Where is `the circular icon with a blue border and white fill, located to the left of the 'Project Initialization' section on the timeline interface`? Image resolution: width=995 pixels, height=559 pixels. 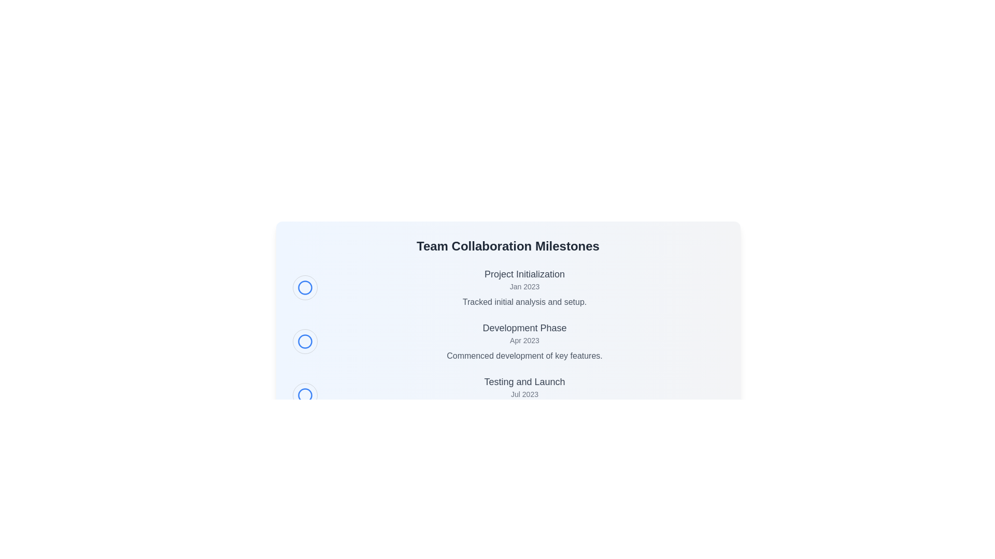 the circular icon with a blue border and white fill, located to the left of the 'Project Initialization' section on the timeline interface is located at coordinates (304, 287).